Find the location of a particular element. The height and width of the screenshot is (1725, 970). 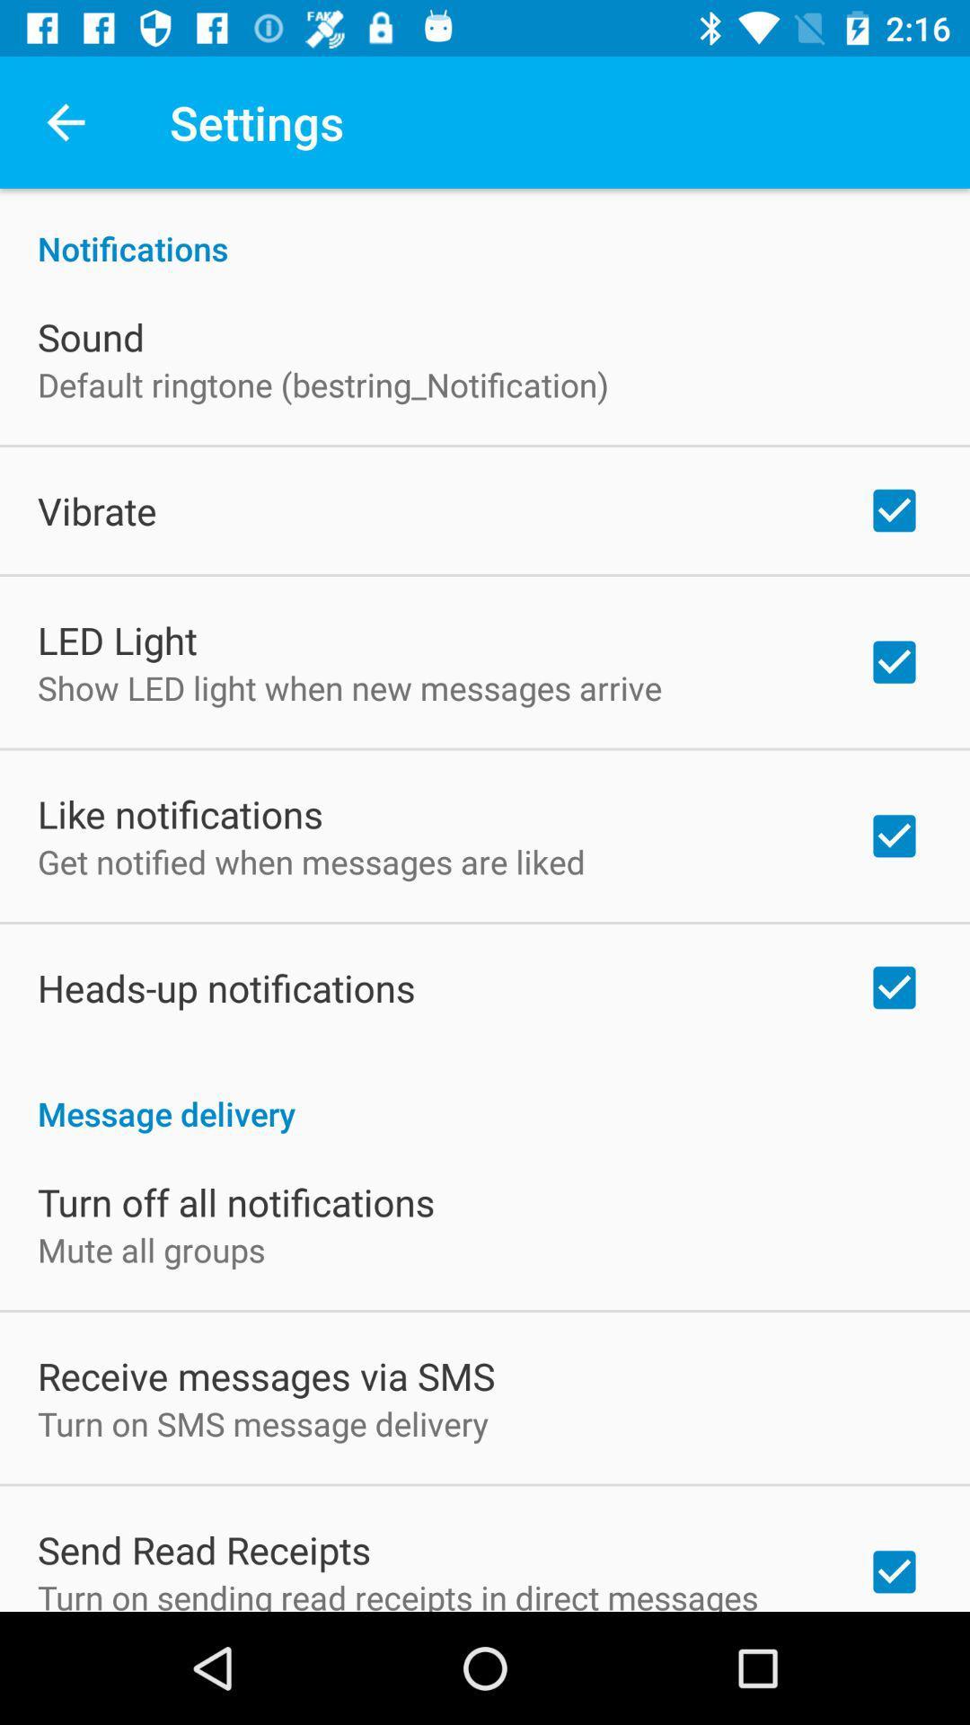

item below the show led light icon is located at coordinates (180, 813).